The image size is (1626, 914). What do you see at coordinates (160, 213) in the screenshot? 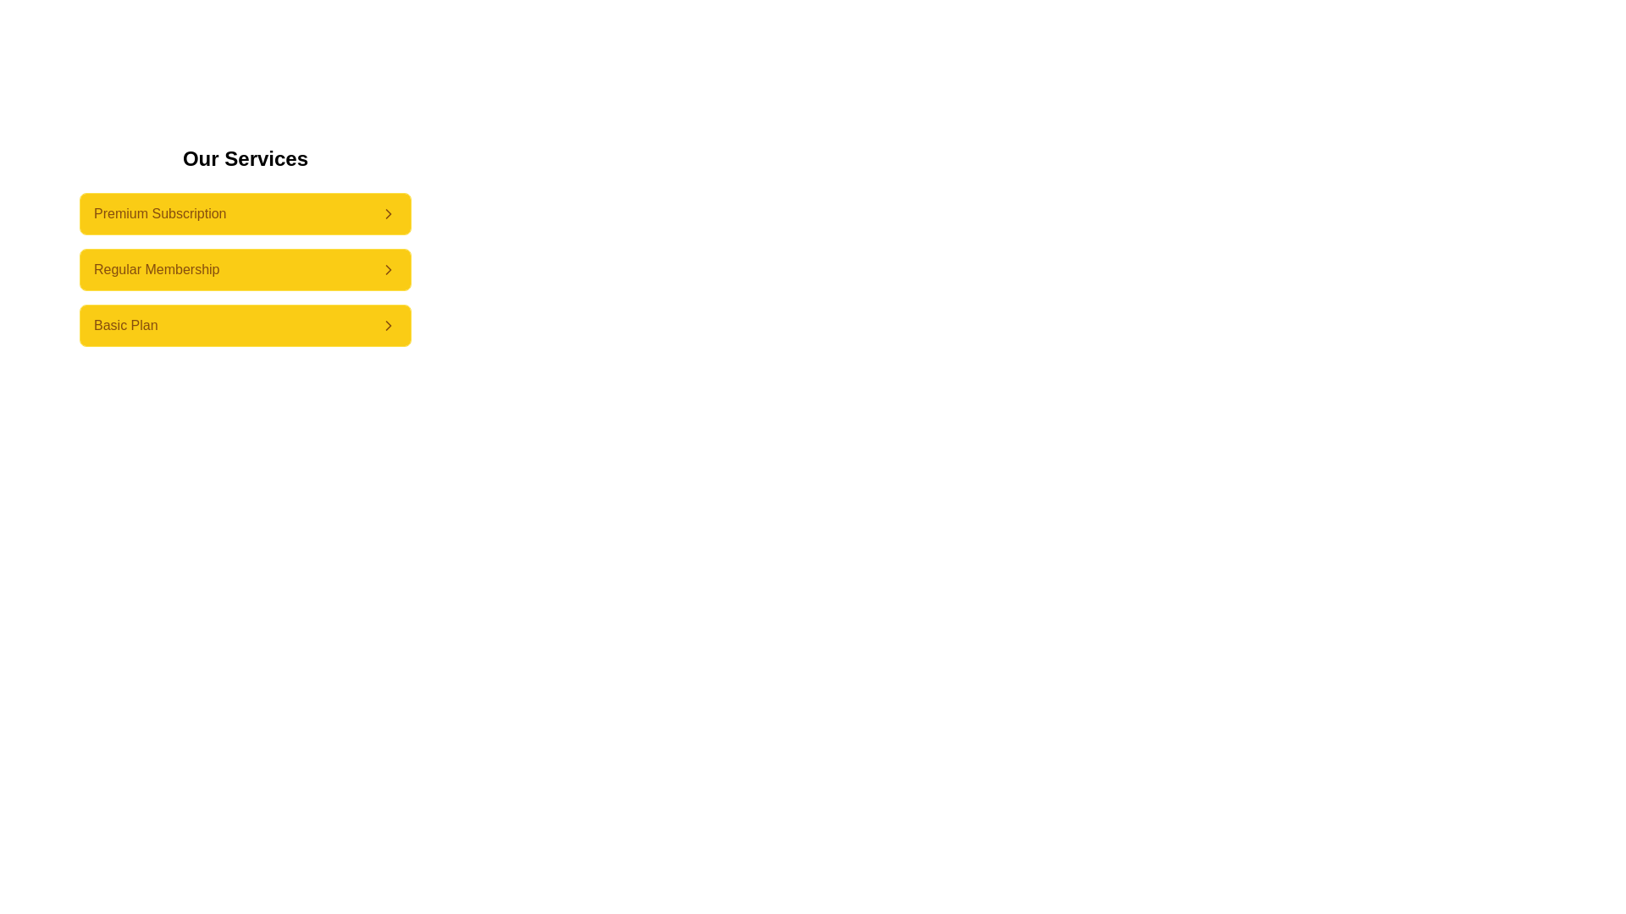
I see `the 'Premium Subscription' text label which is displayed in bold font on a yellow rectangular button, the first button in the 'Our Services' vertical stack` at bounding box center [160, 213].